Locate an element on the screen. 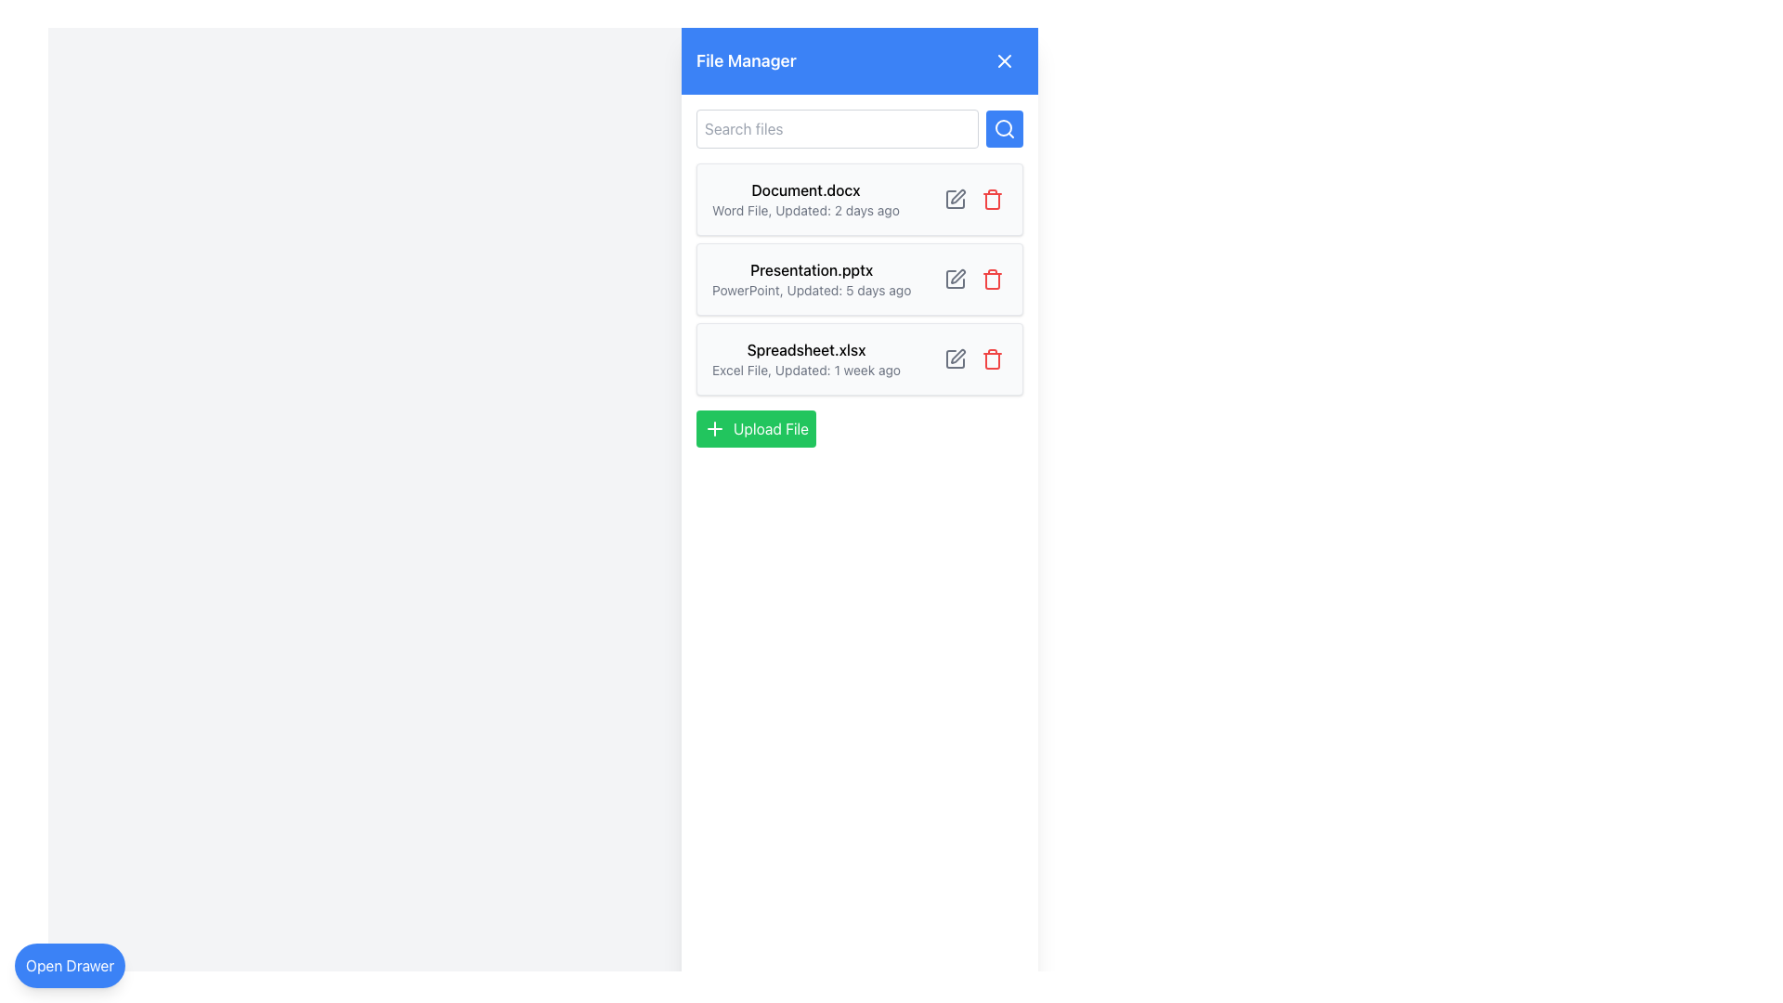 This screenshot has height=1003, width=1783. the text label displaying 'Document.docx', which is styled with medium weight font in black on a light background, located as the primary headline of the first file entry in a vertical list within the file management interface is located at coordinates (806, 189).